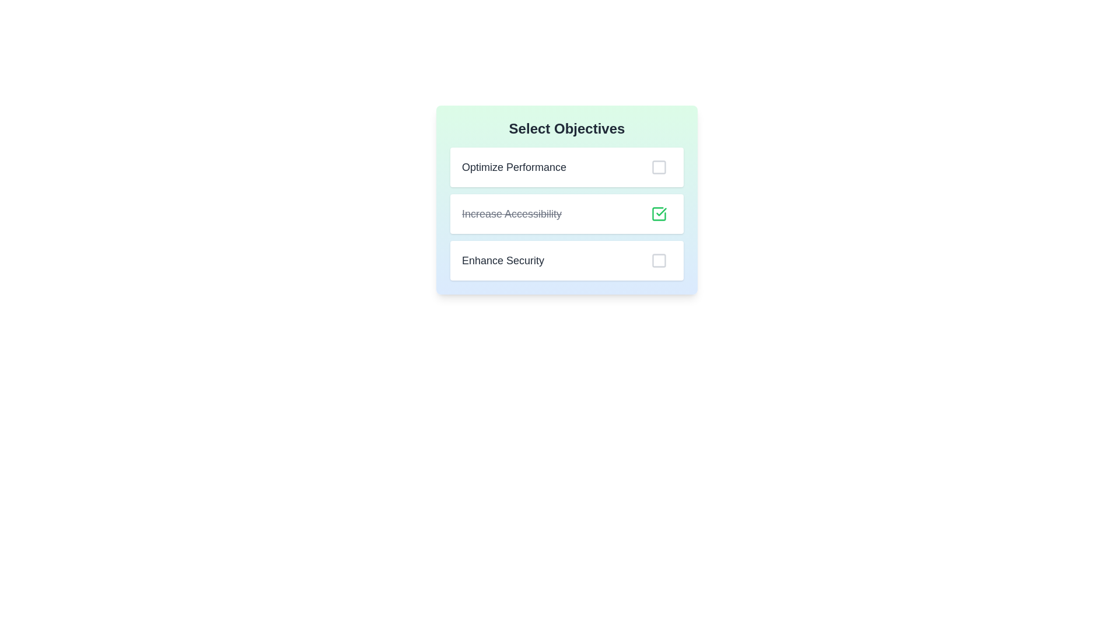 The height and width of the screenshot is (630, 1120). Describe the element at coordinates (659, 167) in the screenshot. I see `the internal box of the checkbox component representing the selected state for 'Optimize Performance'` at that location.